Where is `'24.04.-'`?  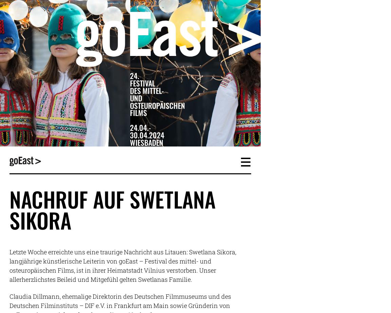 '24.04.-' is located at coordinates (140, 128).